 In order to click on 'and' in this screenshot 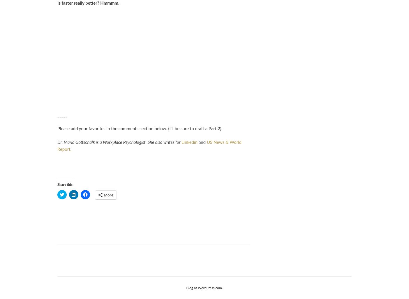, I will do `click(202, 142)`.